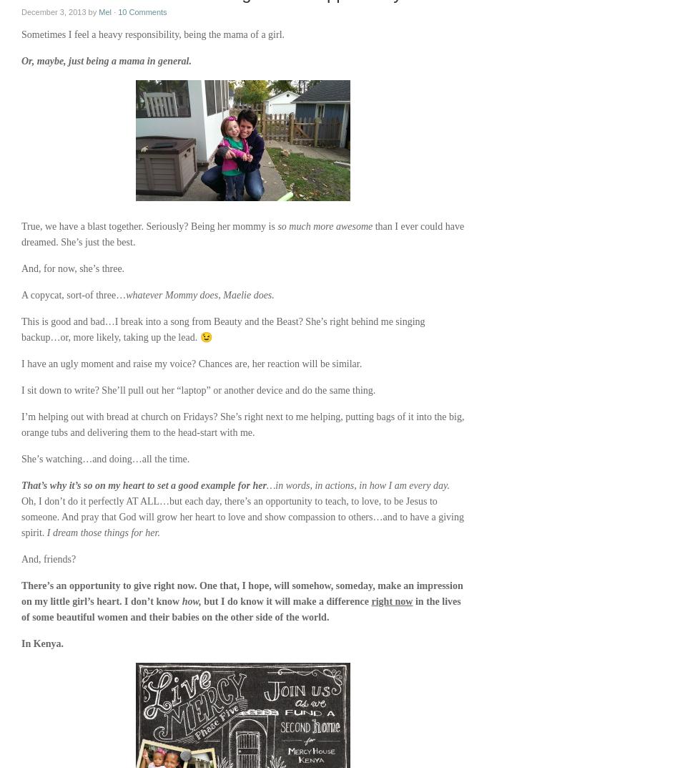 The image size is (690, 768). What do you see at coordinates (53, 11) in the screenshot?
I see `'December 3, 2013'` at bounding box center [53, 11].